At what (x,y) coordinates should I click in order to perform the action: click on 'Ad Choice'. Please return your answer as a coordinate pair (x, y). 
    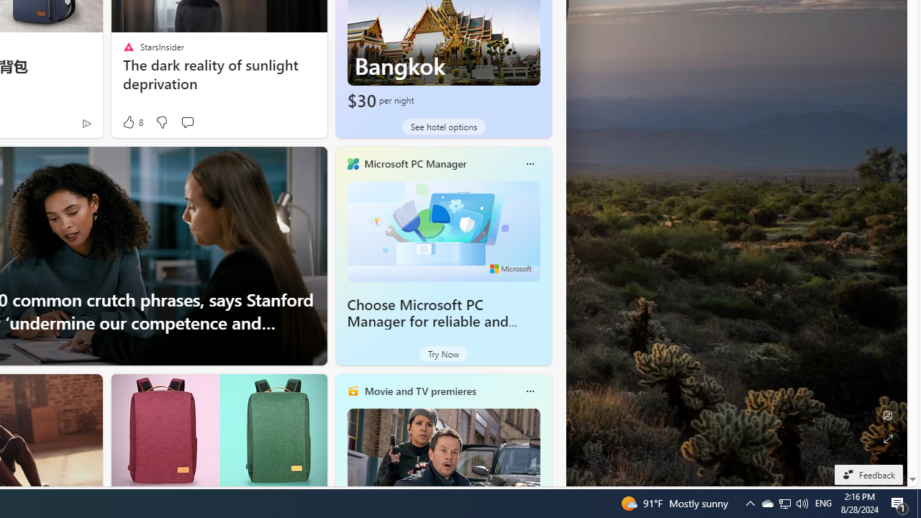
    Looking at the image, I should click on (86, 122).